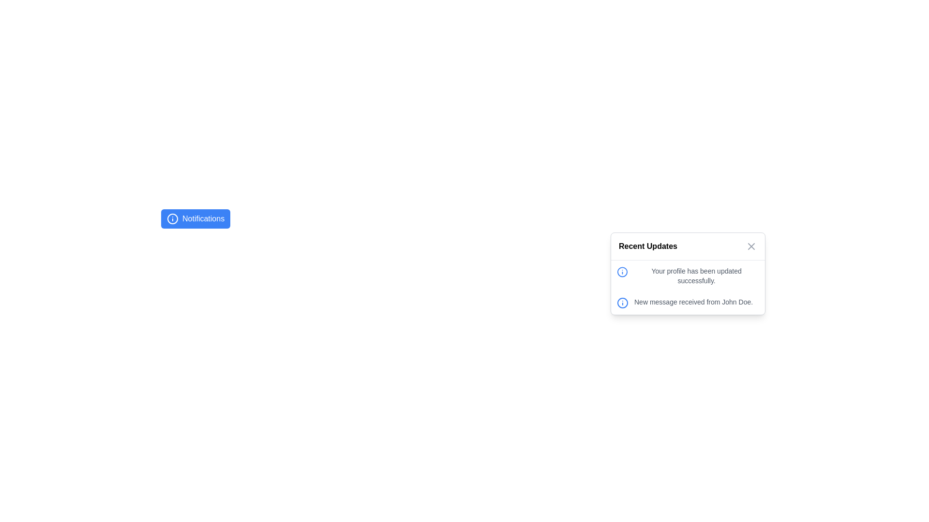  What do you see at coordinates (172, 218) in the screenshot?
I see `the circular blue icon with a white border that resembles an information icon, located adjacent to the 'Notifications' text` at bounding box center [172, 218].